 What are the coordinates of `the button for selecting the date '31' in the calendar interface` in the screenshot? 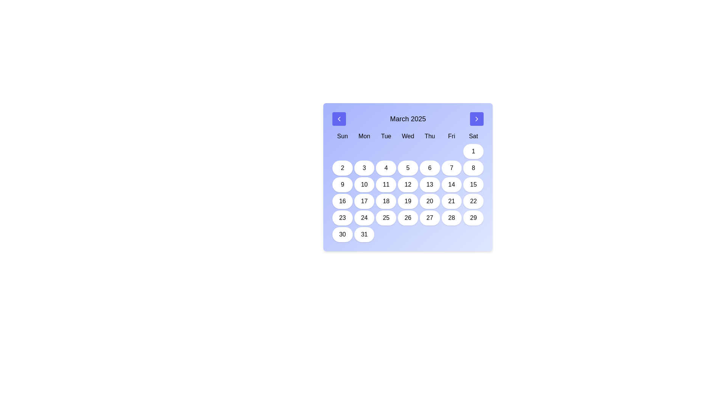 It's located at (364, 234).